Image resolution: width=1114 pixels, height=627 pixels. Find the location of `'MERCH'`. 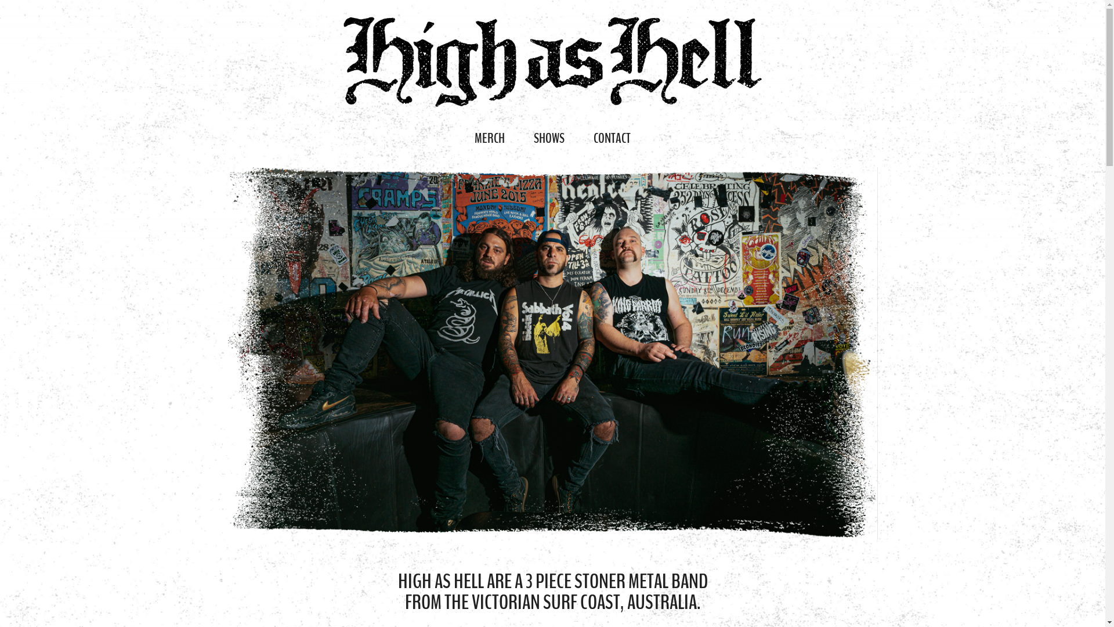

'MERCH' is located at coordinates (459, 138).